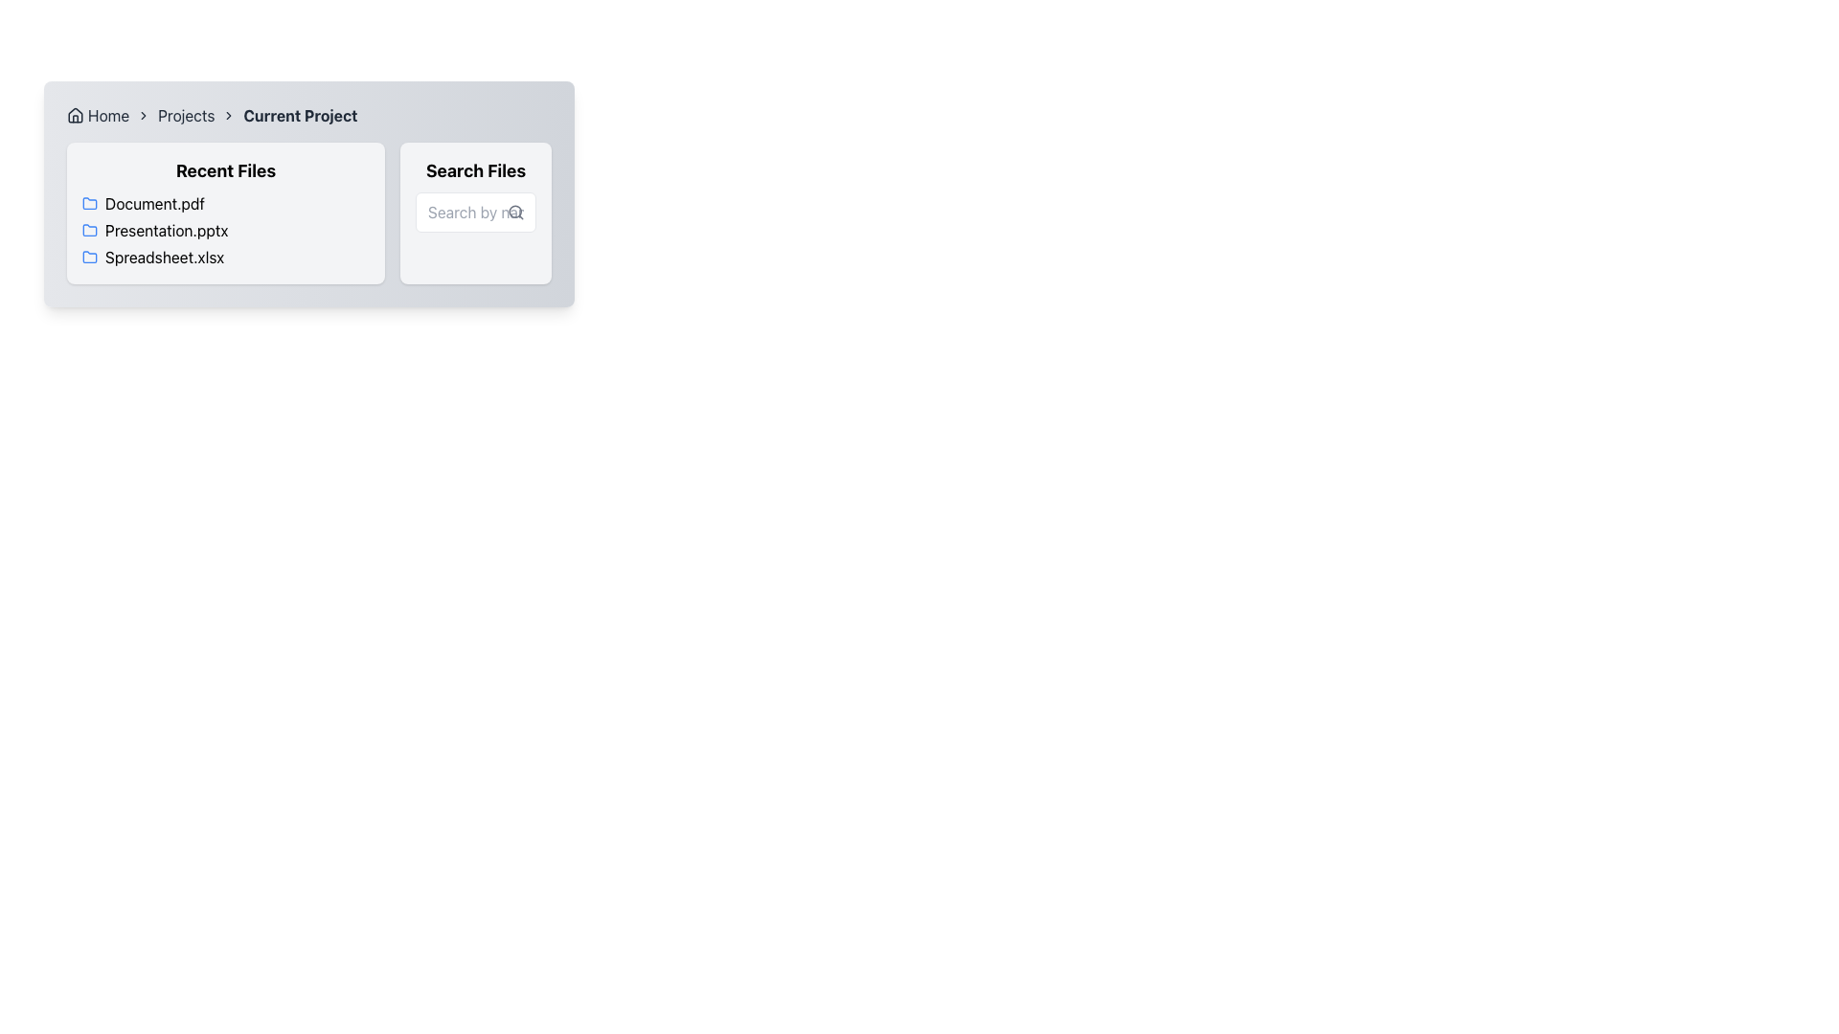 This screenshot has height=1034, width=1839. I want to click on the folder icon representing 'Spreadsheet.xlsx' in the bottom left corner of the 'Recent Files' section, so click(89, 257).